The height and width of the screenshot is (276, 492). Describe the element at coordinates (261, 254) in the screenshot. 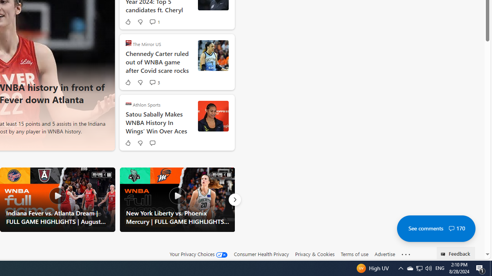

I see `'Consumer Health Privacy'` at that location.